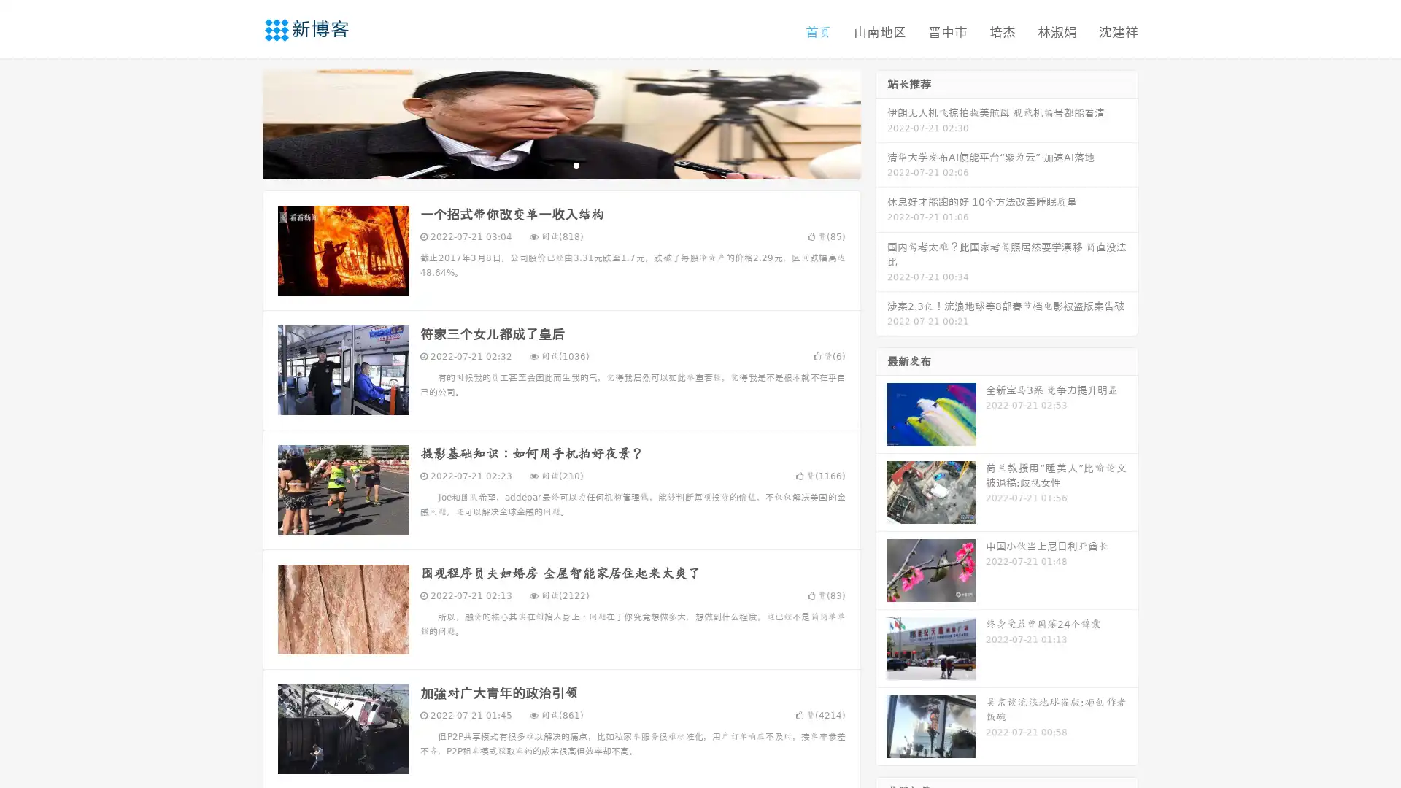  What do you see at coordinates (576, 164) in the screenshot?
I see `Go to slide 3` at bounding box center [576, 164].